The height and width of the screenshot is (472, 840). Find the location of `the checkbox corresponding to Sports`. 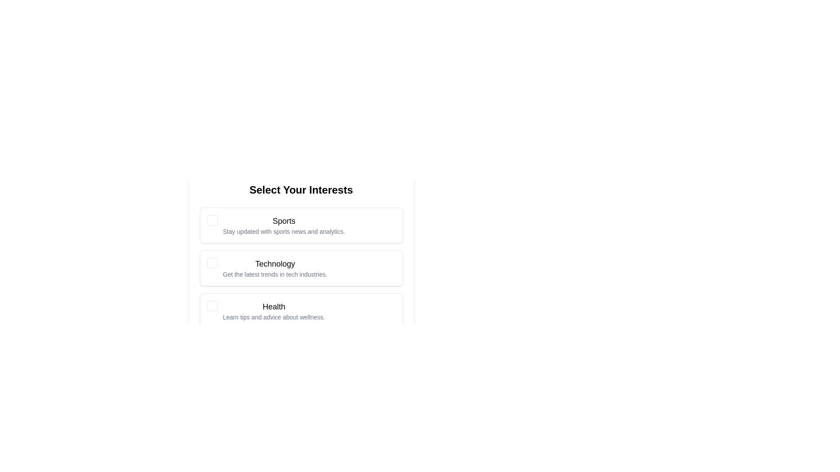

the checkbox corresponding to Sports is located at coordinates (212, 220).